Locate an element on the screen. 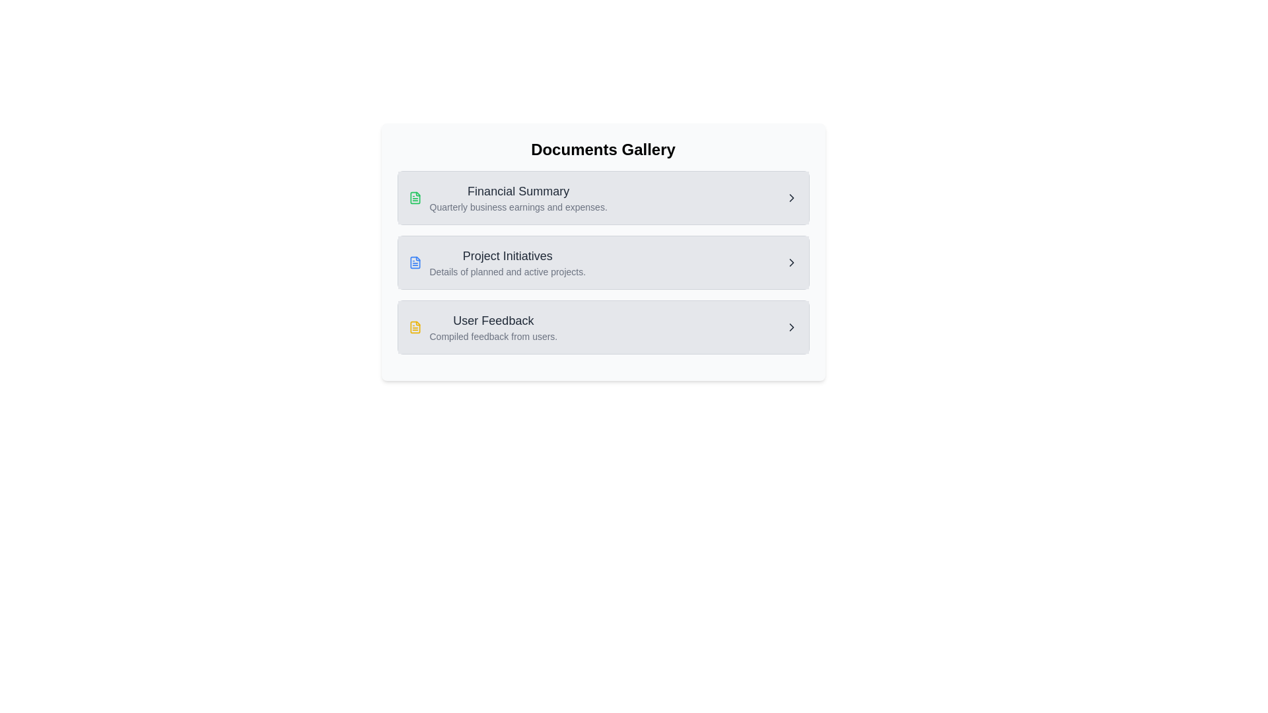 This screenshot has width=1268, height=713. the right-pointing chevron icon located at the right end of the 'User Feedback' list item in the 'Documents Gallery' interface is located at coordinates (791, 327).